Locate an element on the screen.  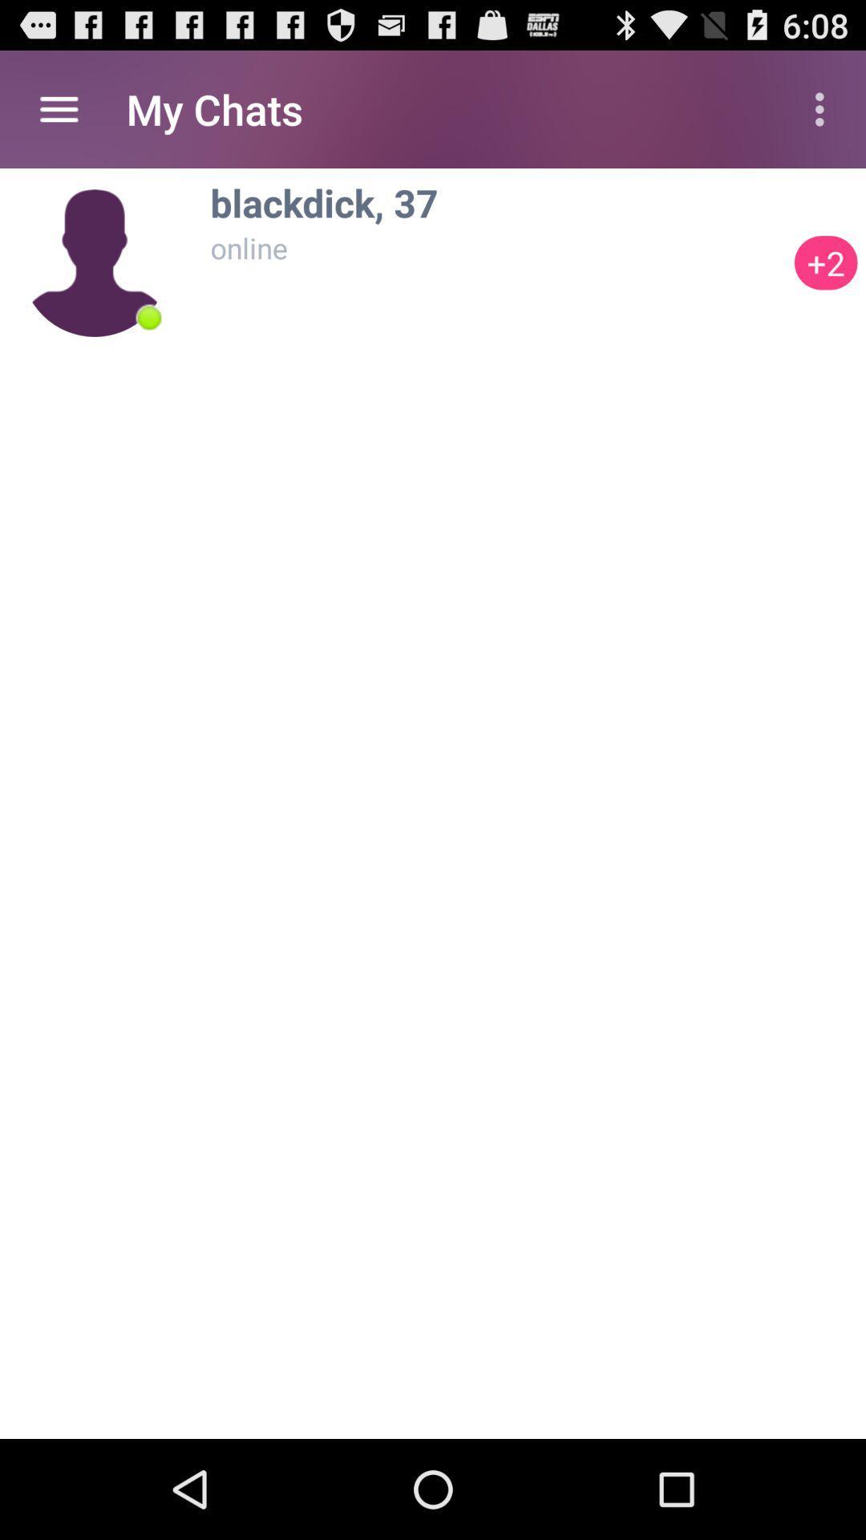
icon to the right of my chats icon is located at coordinates (824, 108).